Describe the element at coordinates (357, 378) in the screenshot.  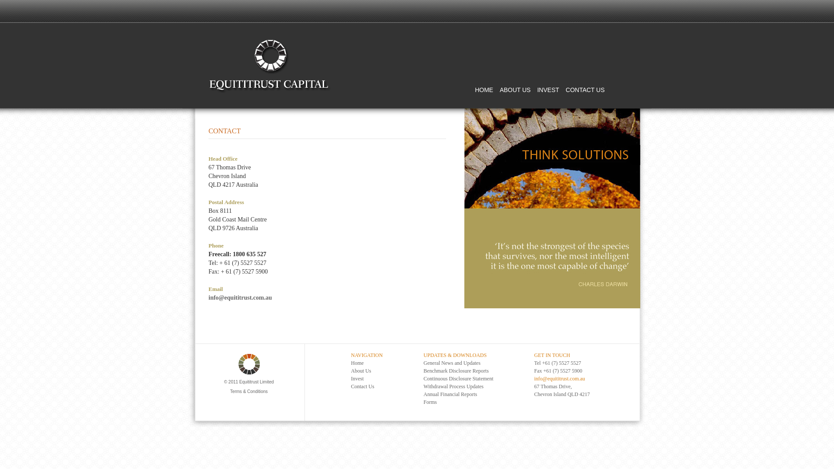
I see `'Invest'` at that location.